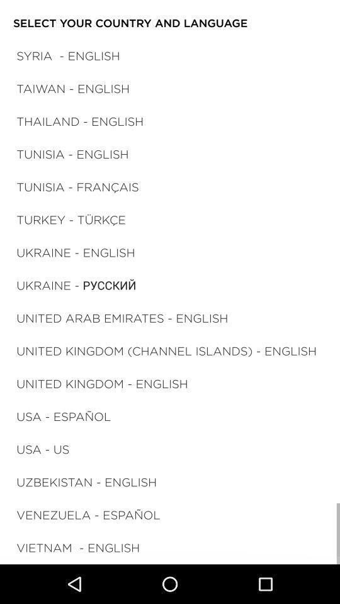  What do you see at coordinates (72, 154) in the screenshot?
I see `the tunisia - english icon` at bounding box center [72, 154].